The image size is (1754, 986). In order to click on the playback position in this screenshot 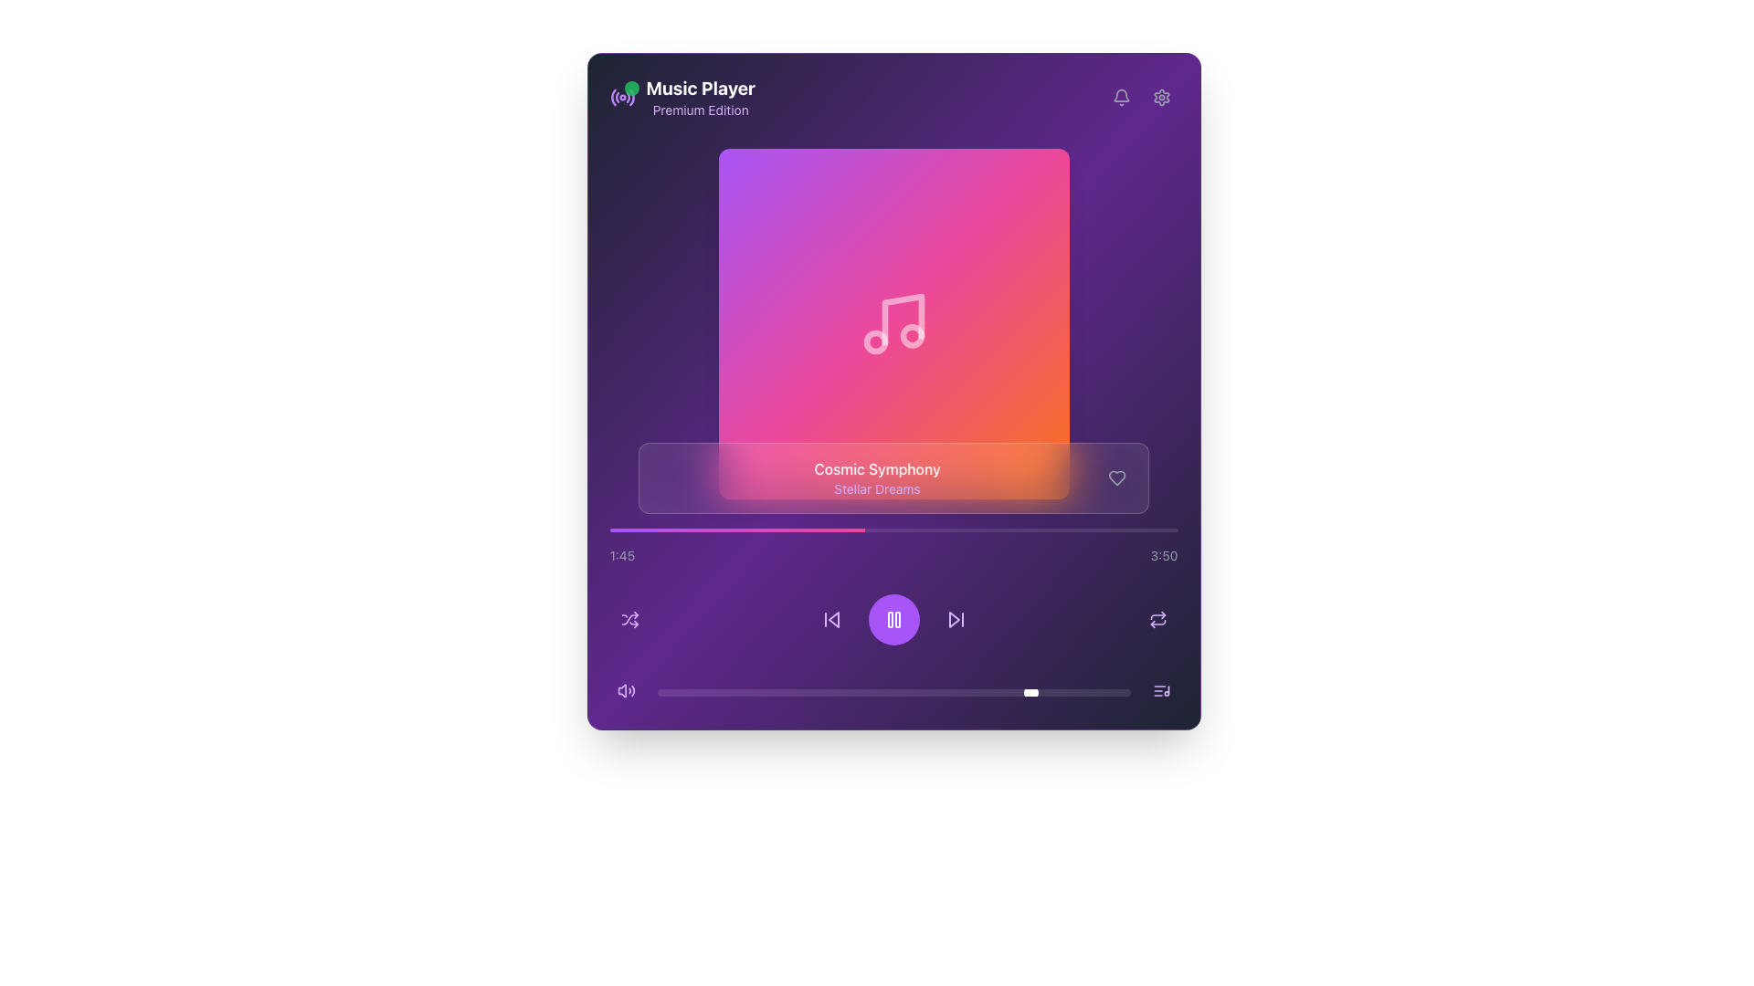, I will do `click(1143, 530)`.